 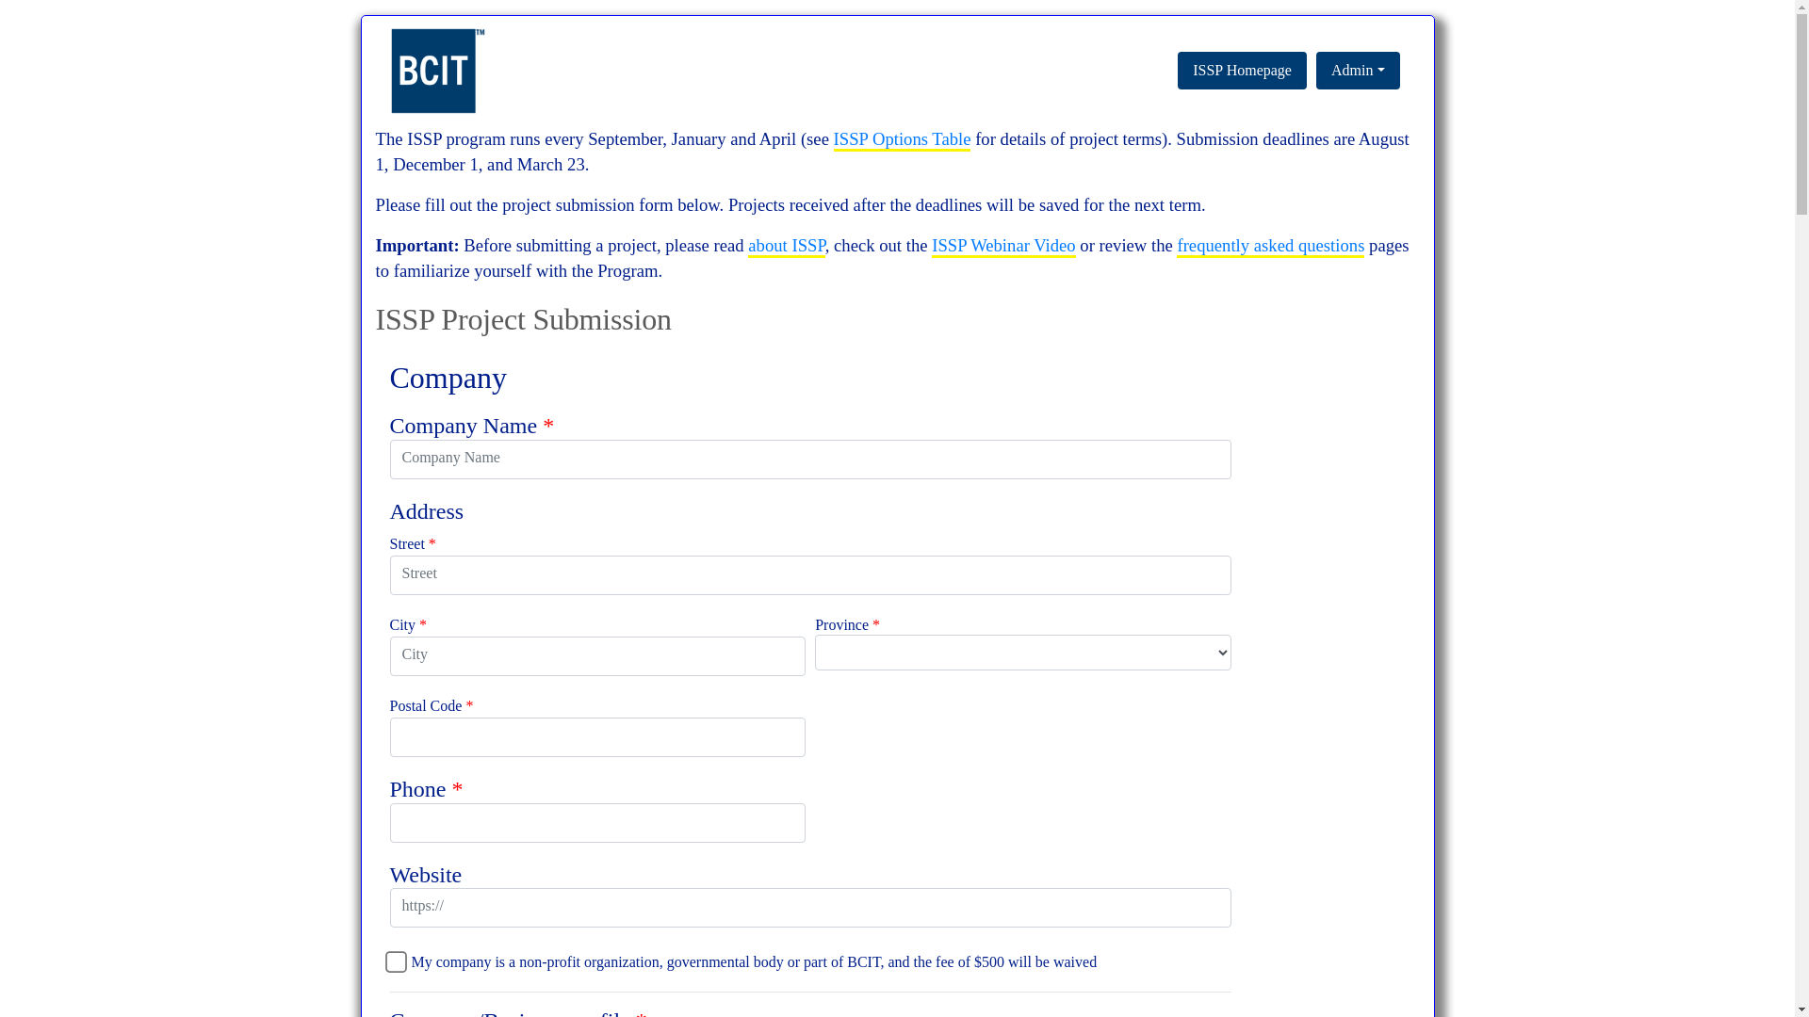 What do you see at coordinates (832, 139) in the screenshot?
I see `'ISSP Options Table'` at bounding box center [832, 139].